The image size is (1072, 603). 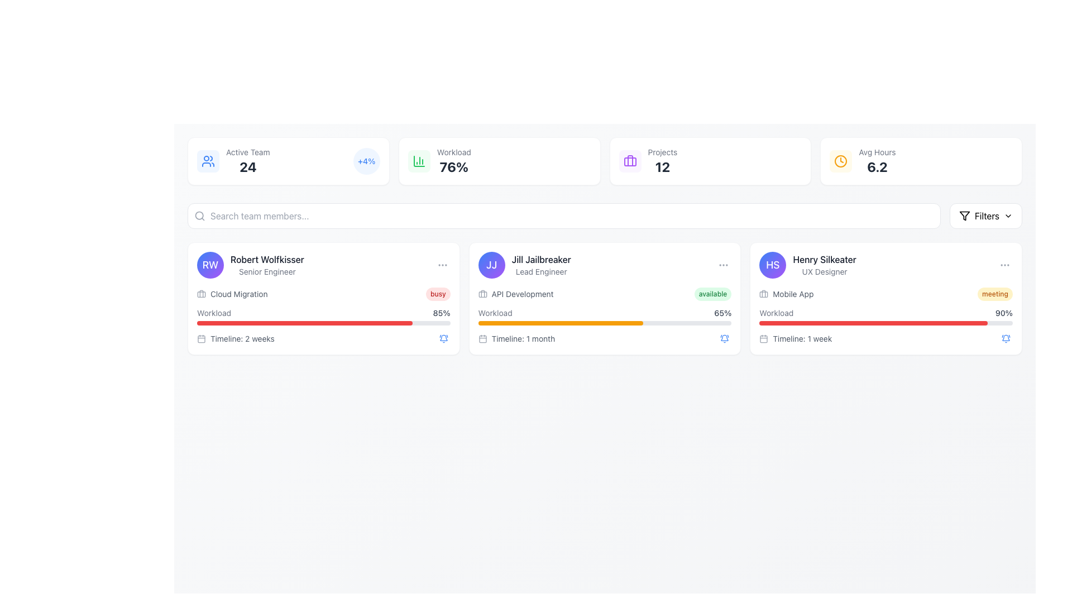 What do you see at coordinates (418, 161) in the screenshot?
I see `the workload analytics icon located in the dashboard interface at the top, specifically within the second section labeled 'Workload', directly left of the text displaying '76%.'` at bounding box center [418, 161].